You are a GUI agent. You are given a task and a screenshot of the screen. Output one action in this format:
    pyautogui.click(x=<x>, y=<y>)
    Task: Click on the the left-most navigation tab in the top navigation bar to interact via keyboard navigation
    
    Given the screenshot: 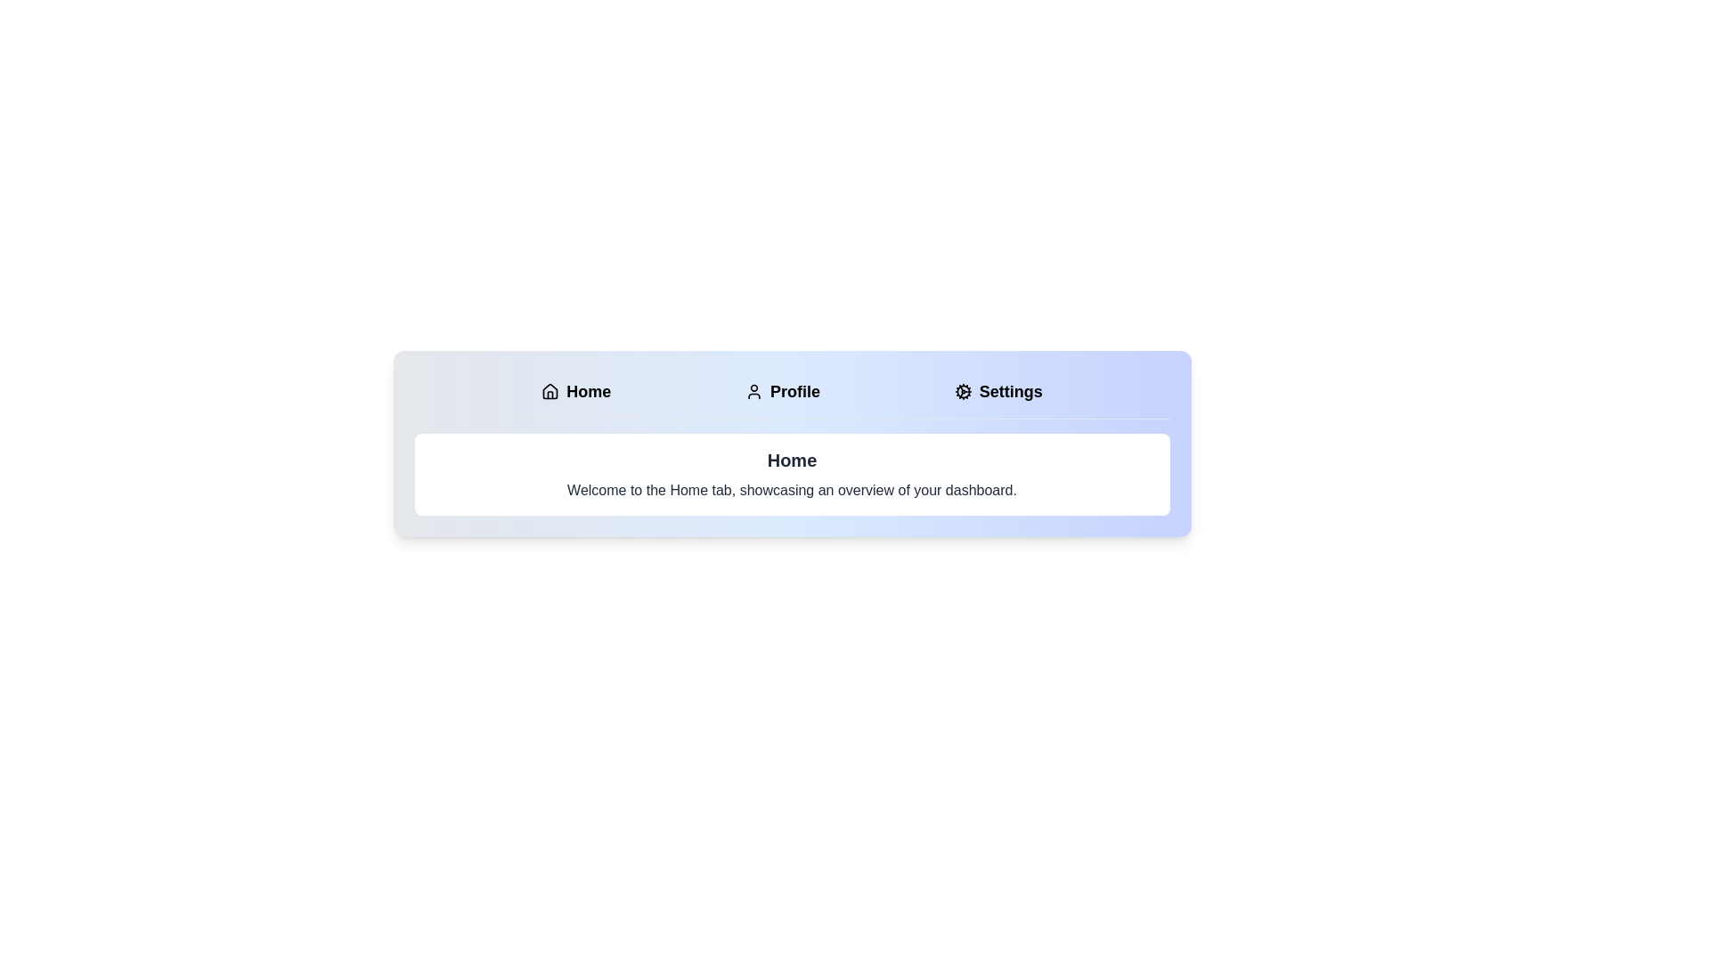 What is the action you would take?
    pyautogui.click(x=576, y=390)
    